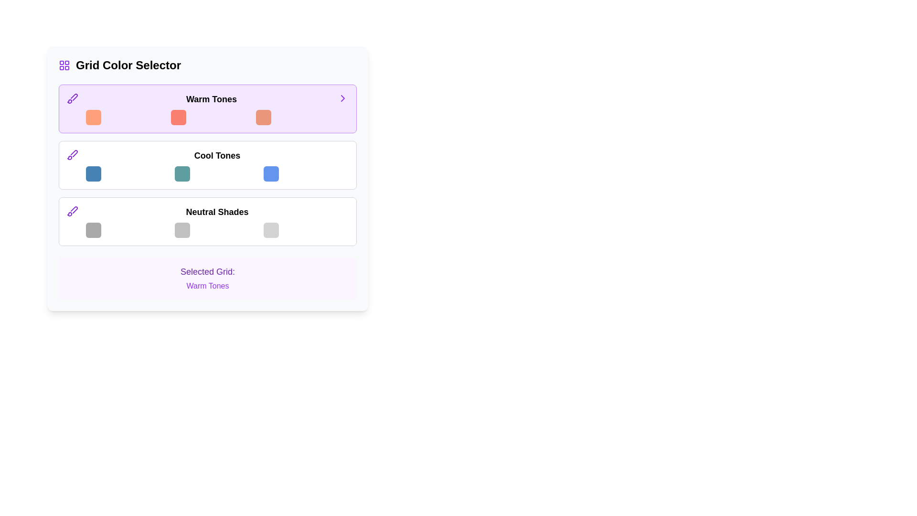 The image size is (917, 516). What do you see at coordinates (94, 117) in the screenshot?
I see `the small, square-shaped light coral button` at bounding box center [94, 117].